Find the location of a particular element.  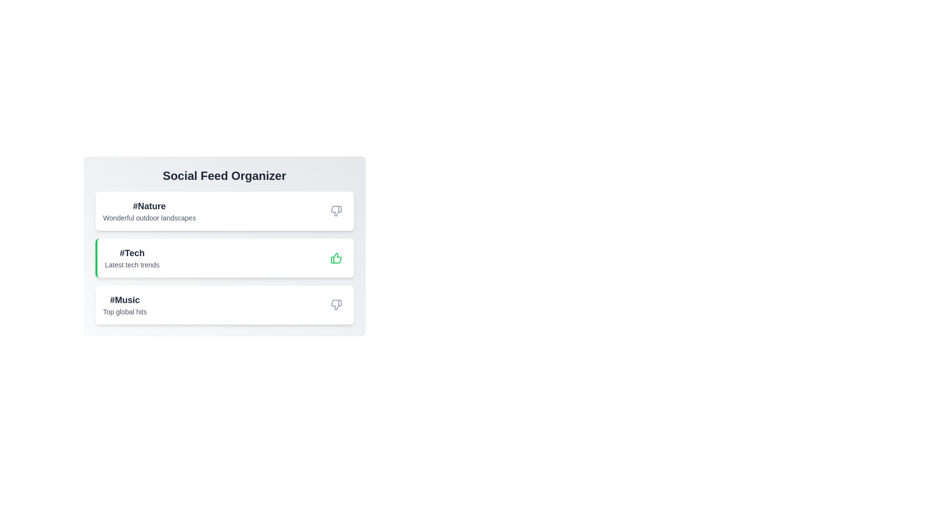

the text of the category description for Music is located at coordinates (124, 305).